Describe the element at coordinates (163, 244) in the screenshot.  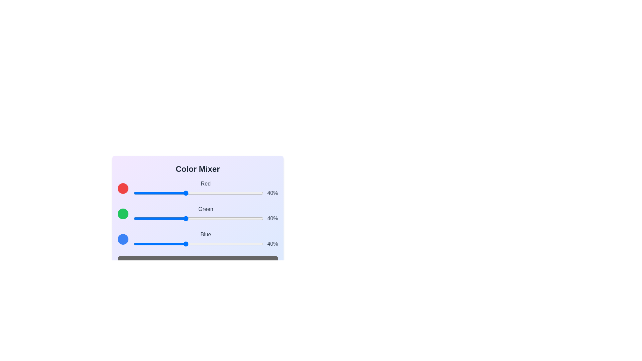
I see `the blue slider to 23%` at that location.